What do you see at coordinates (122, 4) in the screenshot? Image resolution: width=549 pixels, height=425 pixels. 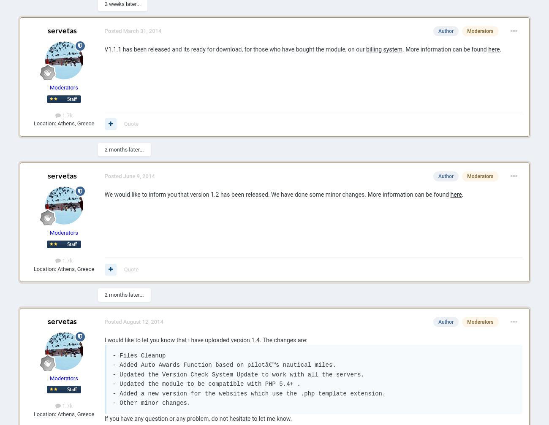 I see `'2 weeks later...'` at bounding box center [122, 4].